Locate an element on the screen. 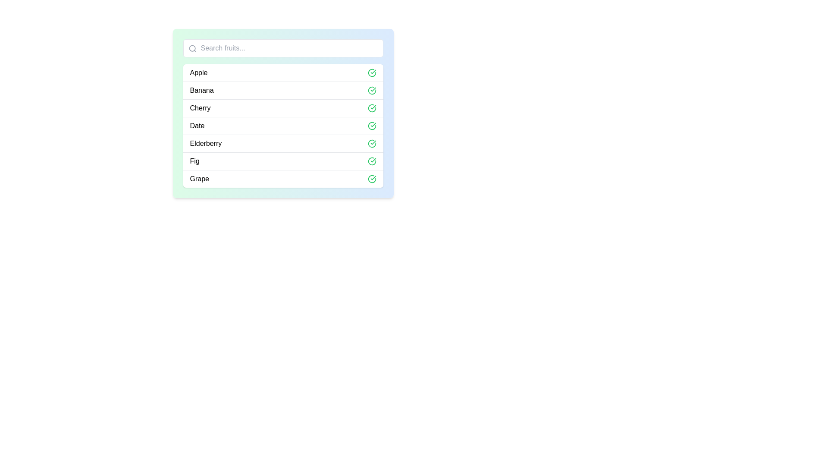  the search icon that visually indicates the search functionality, located to the left of the search input box is located at coordinates (192, 48).